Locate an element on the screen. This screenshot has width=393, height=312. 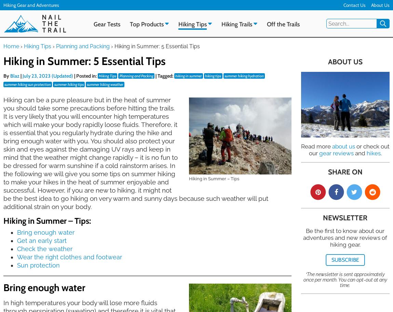
'Hiking in Summer – Tips' is located at coordinates (213, 178).